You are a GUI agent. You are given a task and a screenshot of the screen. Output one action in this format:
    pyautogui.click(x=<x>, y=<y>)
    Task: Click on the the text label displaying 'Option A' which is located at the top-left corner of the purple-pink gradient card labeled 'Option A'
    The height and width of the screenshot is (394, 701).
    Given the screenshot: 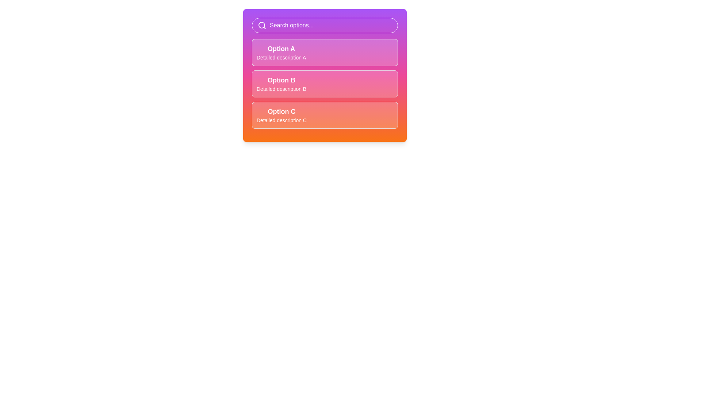 What is the action you would take?
    pyautogui.click(x=281, y=49)
    